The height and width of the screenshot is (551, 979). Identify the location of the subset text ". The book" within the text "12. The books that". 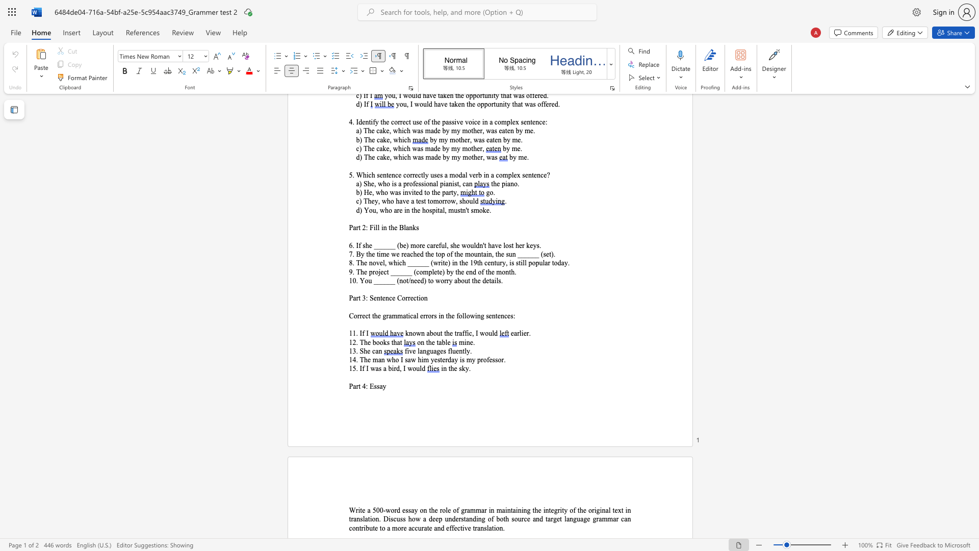
(356, 342).